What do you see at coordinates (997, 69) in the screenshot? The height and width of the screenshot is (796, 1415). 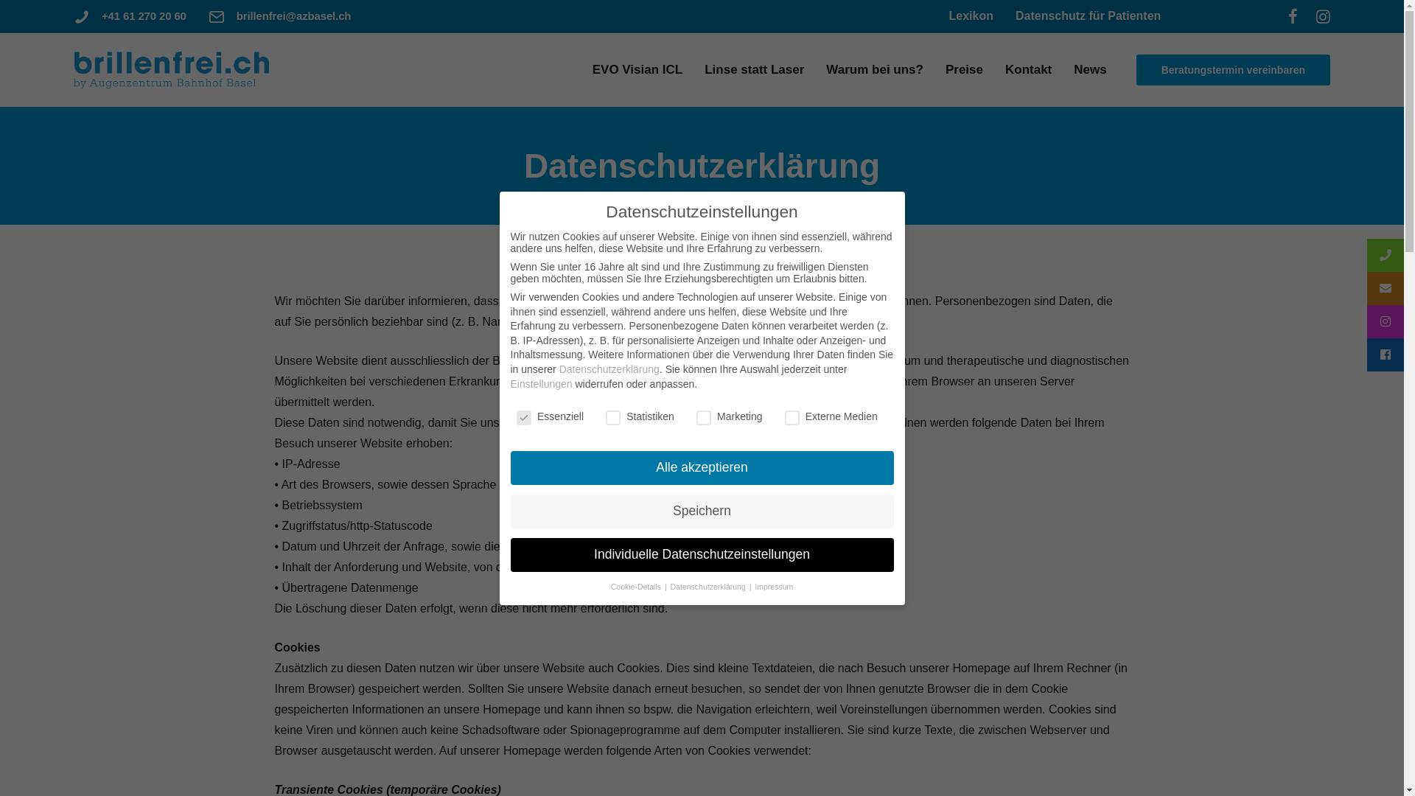 I see `'Kontakt'` at bounding box center [997, 69].